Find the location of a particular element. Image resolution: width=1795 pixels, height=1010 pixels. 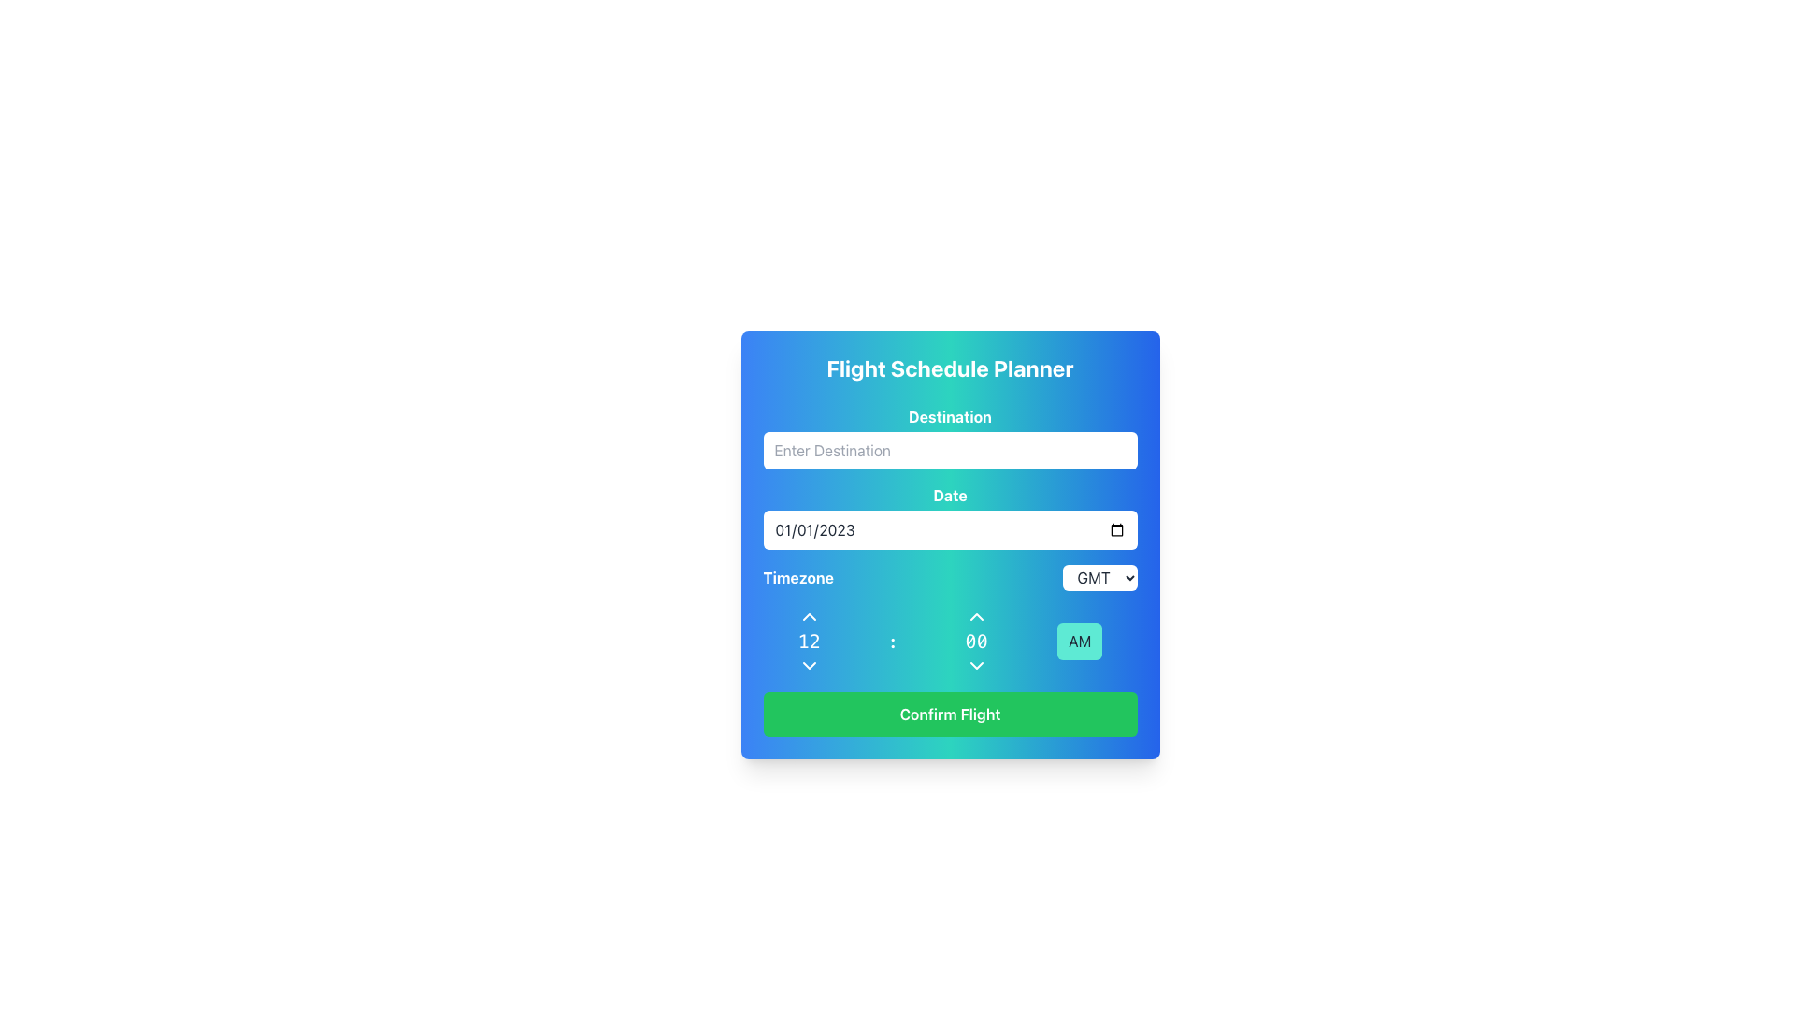

the time period indicator button located on the right side of the time selection section is located at coordinates (1080, 641).